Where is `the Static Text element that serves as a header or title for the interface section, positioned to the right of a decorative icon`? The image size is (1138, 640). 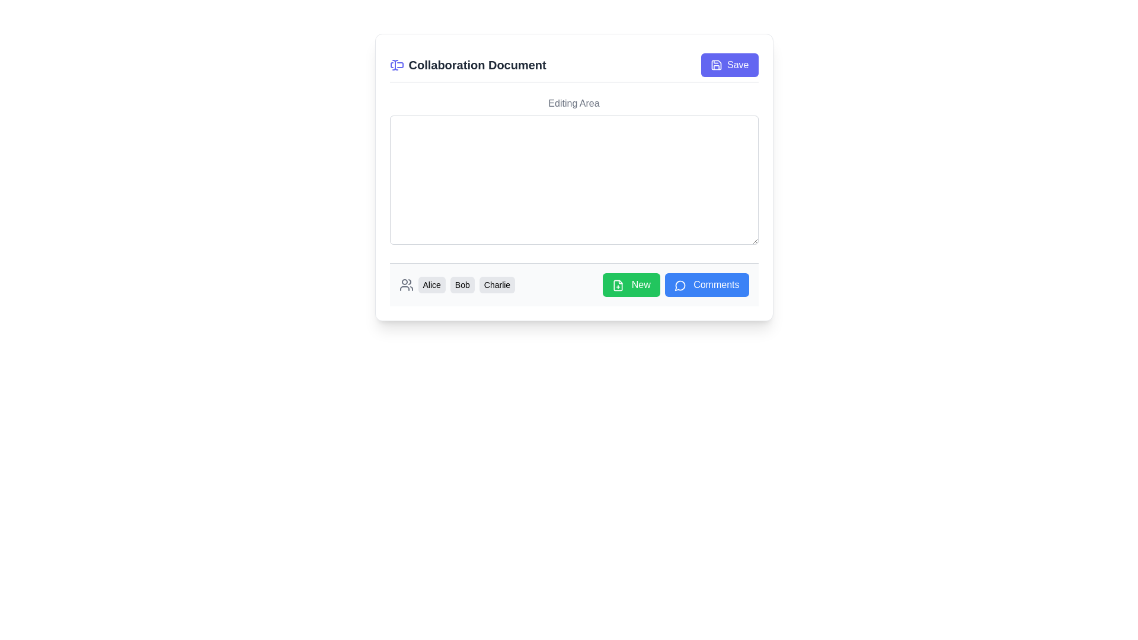 the Static Text element that serves as a header or title for the interface section, positioned to the right of a decorative icon is located at coordinates (467, 65).